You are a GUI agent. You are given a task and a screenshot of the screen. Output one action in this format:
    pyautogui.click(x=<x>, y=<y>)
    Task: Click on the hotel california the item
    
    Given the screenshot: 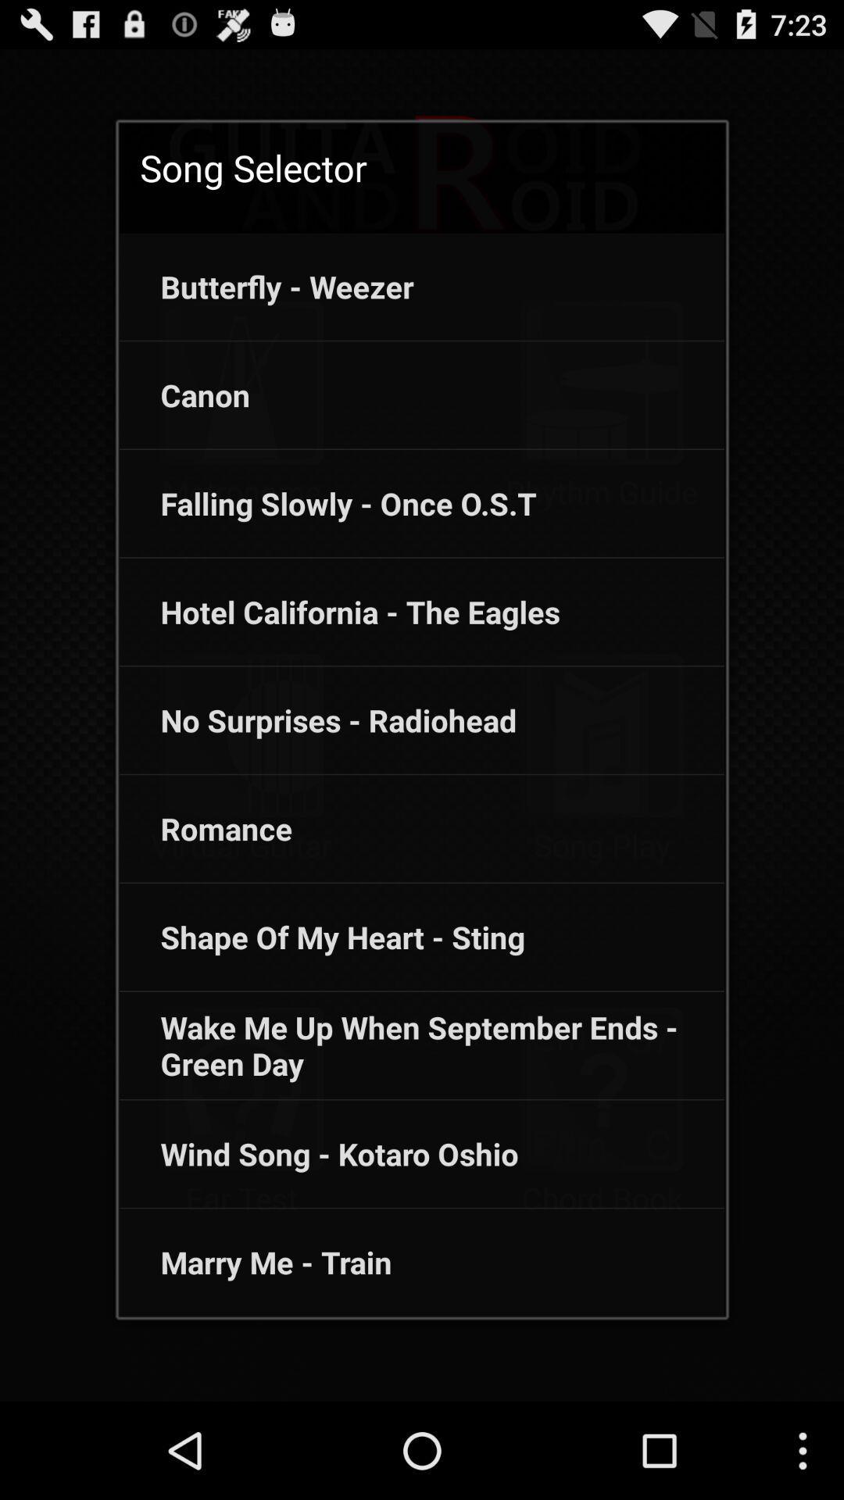 What is the action you would take?
    pyautogui.click(x=339, y=611)
    